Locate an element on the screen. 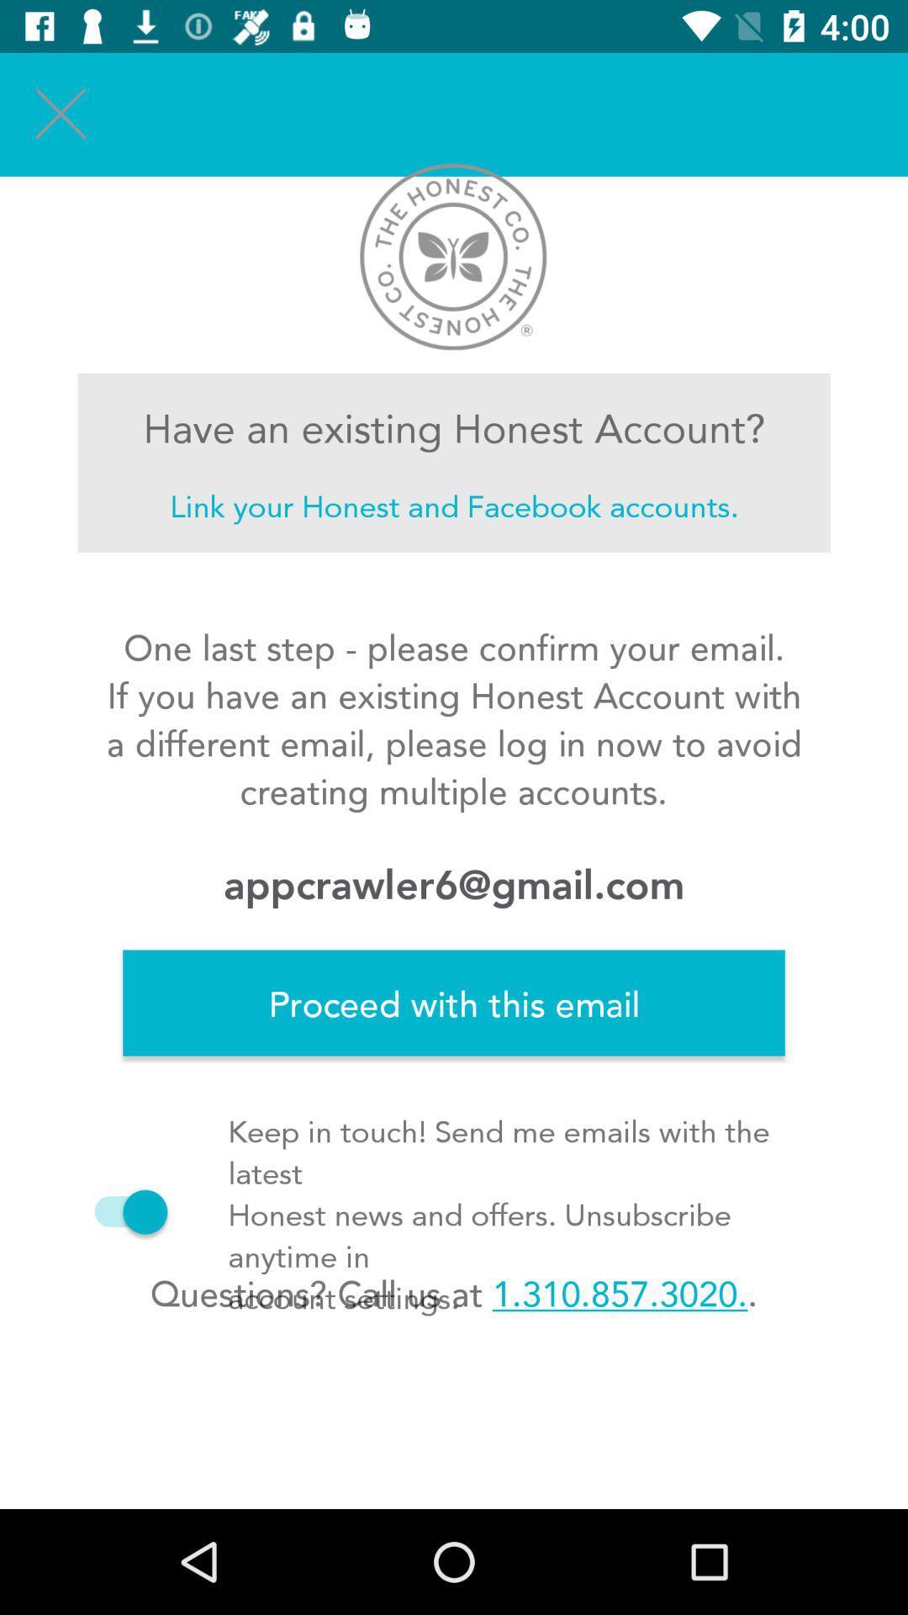 The height and width of the screenshot is (1615, 908). the item above the have an existing icon is located at coordinates (61, 114).